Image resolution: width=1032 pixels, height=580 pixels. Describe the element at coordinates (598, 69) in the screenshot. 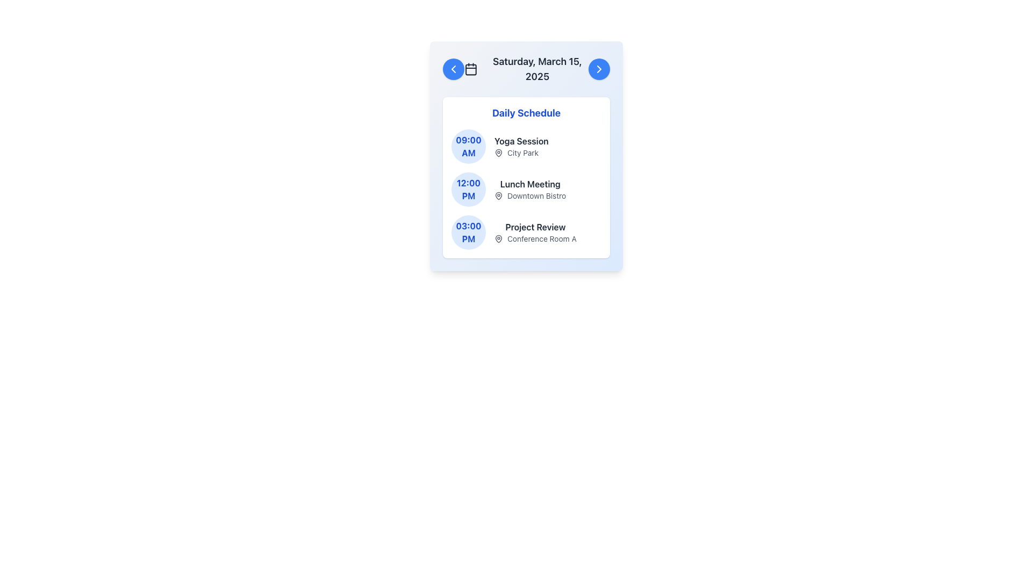

I see `the chevron-shaped icon inside the button located in the upper right corner of the card interface` at that location.